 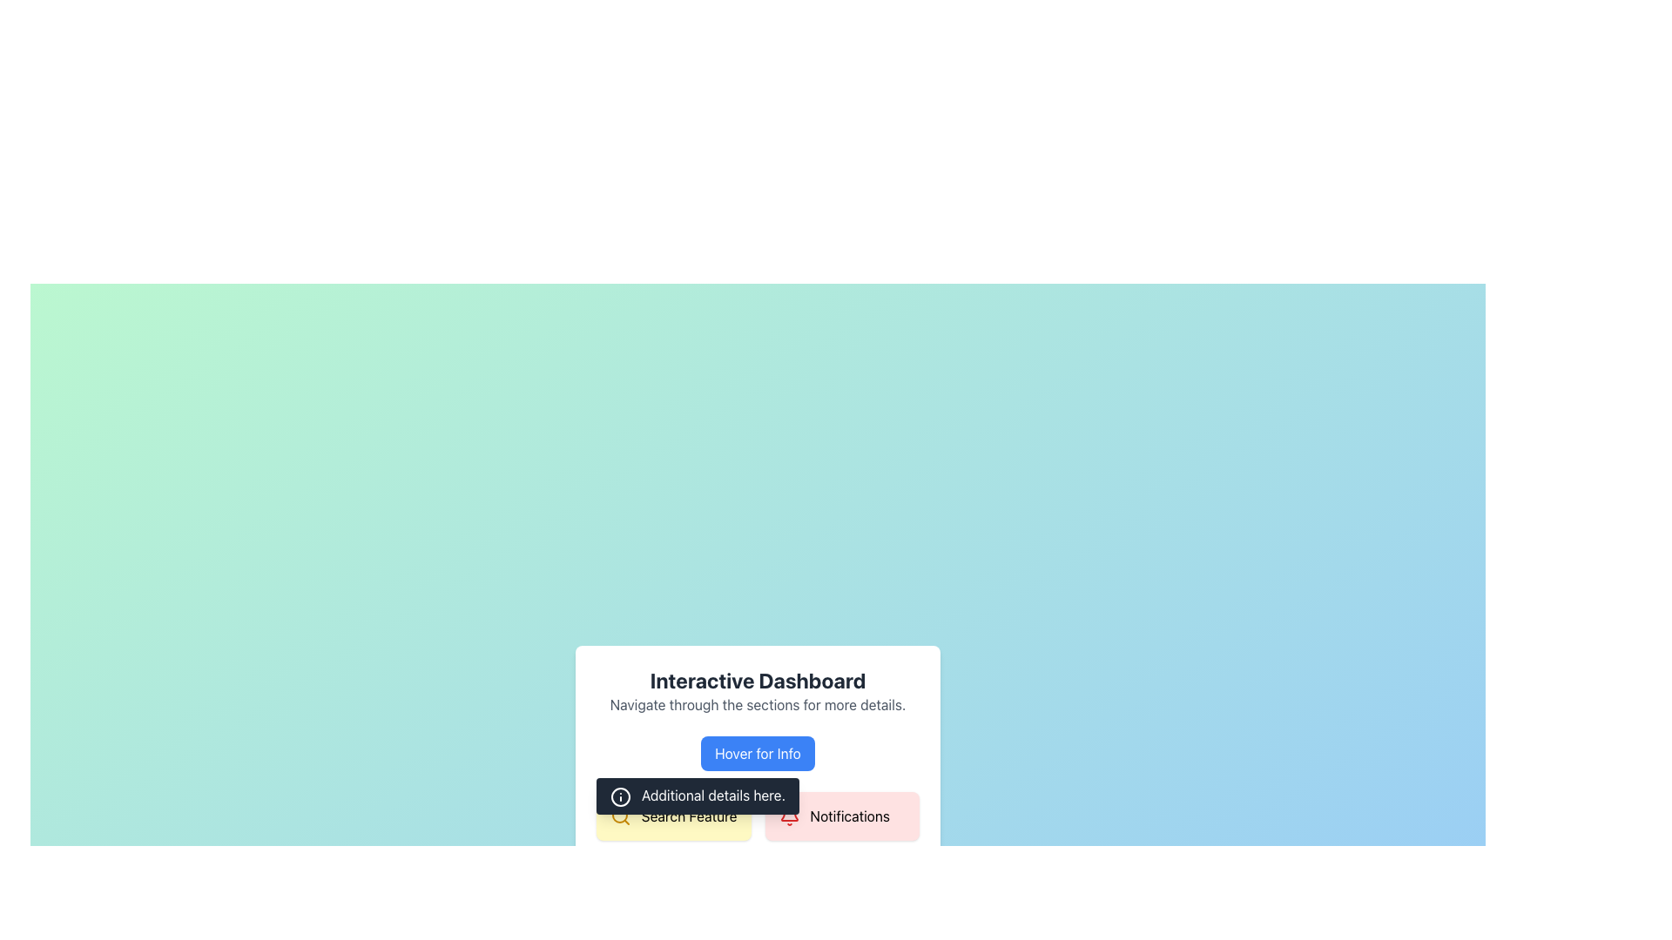 I want to click on the blue button labeled 'Hover for Info', which is centrally aligned below the header text in the interactive dashboard section, so click(x=757, y=753).